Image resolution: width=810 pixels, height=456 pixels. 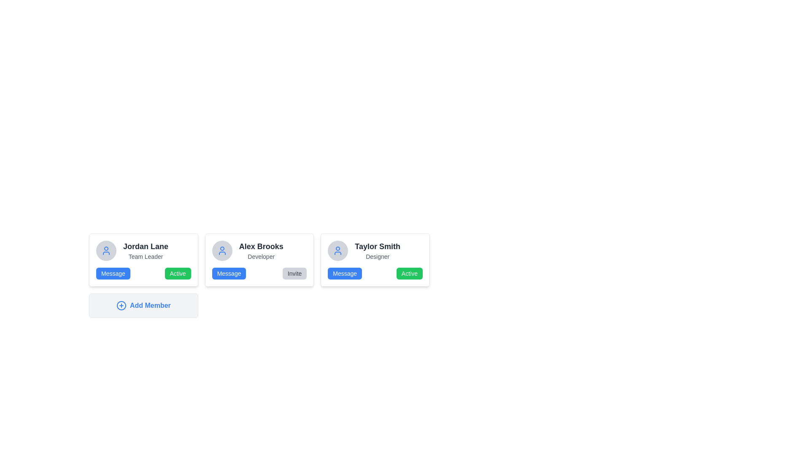 I want to click on the profile display section for 'Alex Brooks', so click(x=259, y=250).